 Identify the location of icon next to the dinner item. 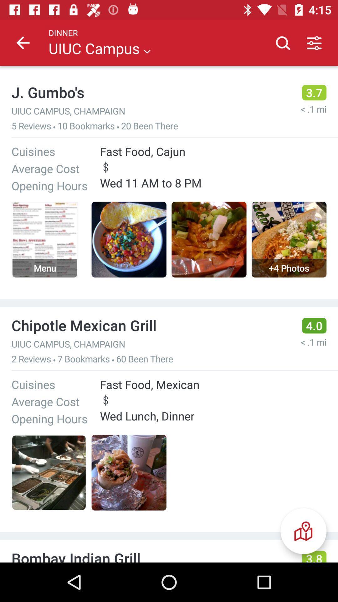
(23, 42).